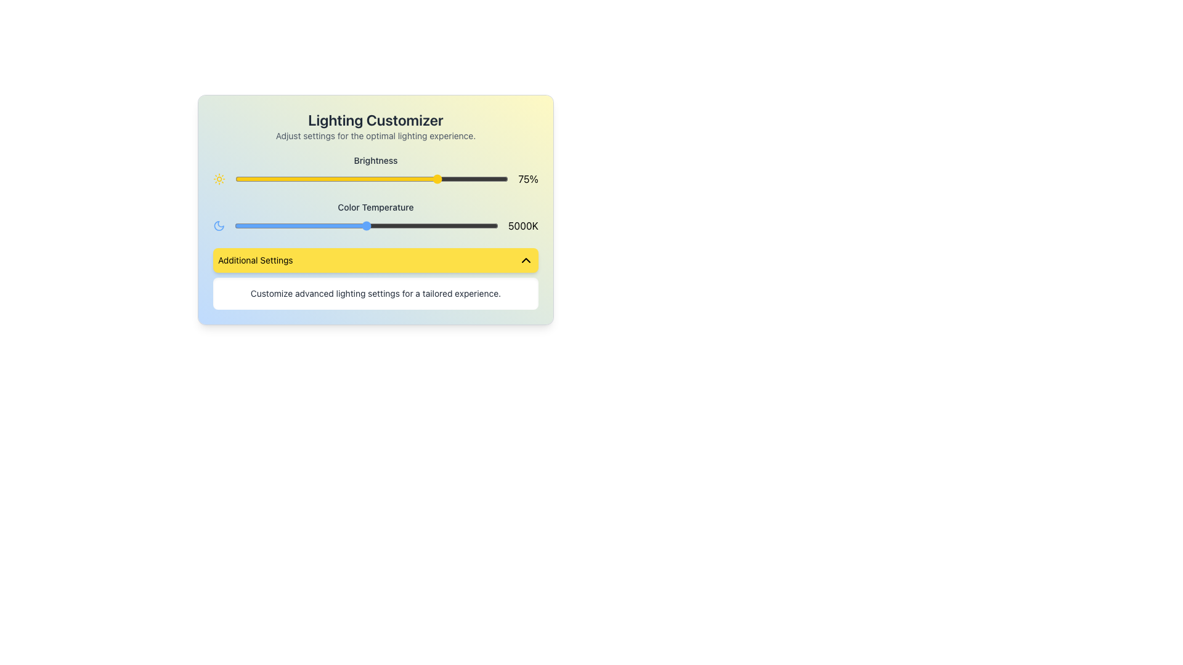  What do you see at coordinates (402, 179) in the screenshot?
I see `the brightness level` at bounding box center [402, 179].